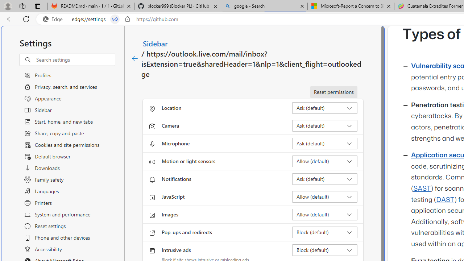 The height and width of the screenshot is (261, 464). Describe the element at coordinates (324, 179) in the screenshot. I see `'Notifications Ask (default)'` at that location.